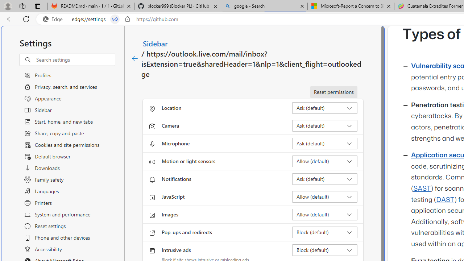 The height and width of the screenshot is (261, 464). Describe the element at coordinates (324, 179) in the screenshot. I see `'Notifications Ask (default)'` at that location.